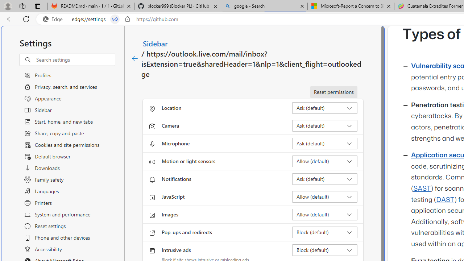 The height and width of the screenshot is (261, 464). Describe the element at coordinates (324, 179) in the screenshot. I see `'Notifications Ask (default)'` at that location.